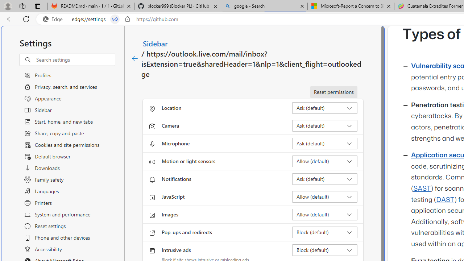 The height and width of the screenshot is (261, 464). Describe the element at coordinates (324, 179) in the screenshot. I see `'Notifications Ask (default)'` at that location.